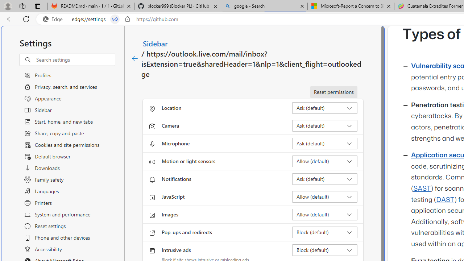 The height and width of the screenshot is (261, 464). Describe the element at coordinates (324, 179) in the screenshot. I see `'Notifications Ask (default)'` at that location.